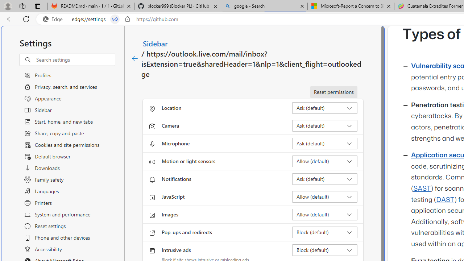 The height and width of the screenshot is (261, 464). Describe the element at coordinates (324, 179) in the screenshot. I see `'Notifications Ask (default)'` at that location.